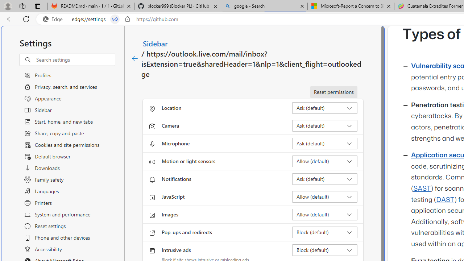 The height and width of the screenshot is (261, 464). Describe the element at coordinates (324, 179) in the screenshot. I see `'Notifications Ask (default)'` at that location.